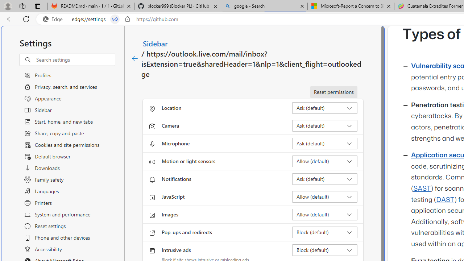 The height and width of the screenshot is (261, 464). Describe the element at coordinates (324, 179) in the screenshot. I see `'Notifications Ask (default)'` at that location.